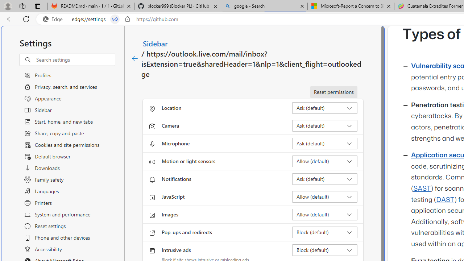 The height and width of the screenshot is (261, 464). Describe the element at coordinates (324, 179) in the screenshot. I see `'Notifications Ask (default)'` at that location.